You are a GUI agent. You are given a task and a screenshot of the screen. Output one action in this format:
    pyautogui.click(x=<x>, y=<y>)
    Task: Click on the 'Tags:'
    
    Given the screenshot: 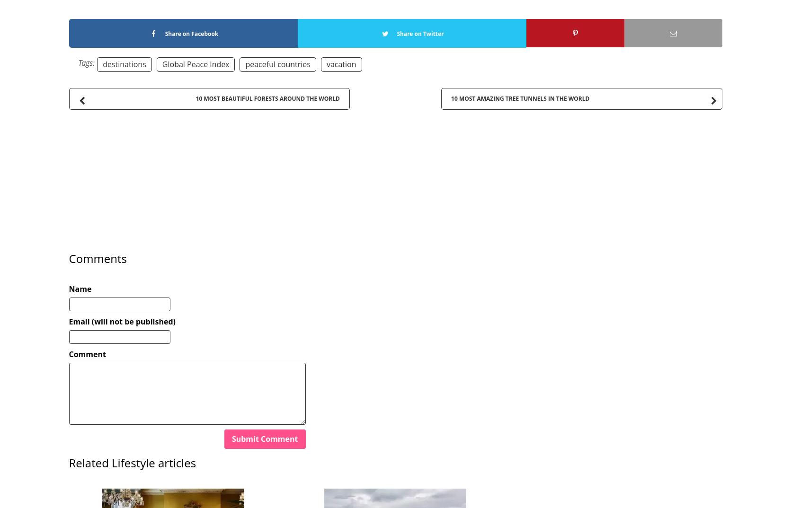 What is the action you would take?
    pyautogui.click(x=86, y=62)
    